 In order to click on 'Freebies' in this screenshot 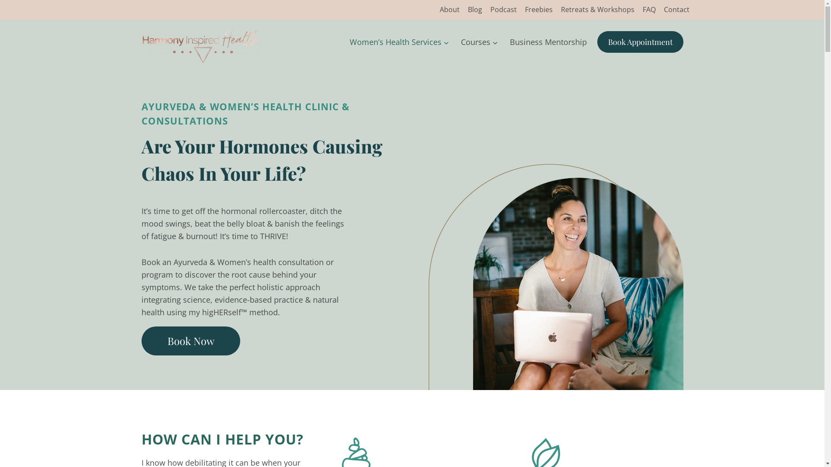, I will do `click(520, 10)`.